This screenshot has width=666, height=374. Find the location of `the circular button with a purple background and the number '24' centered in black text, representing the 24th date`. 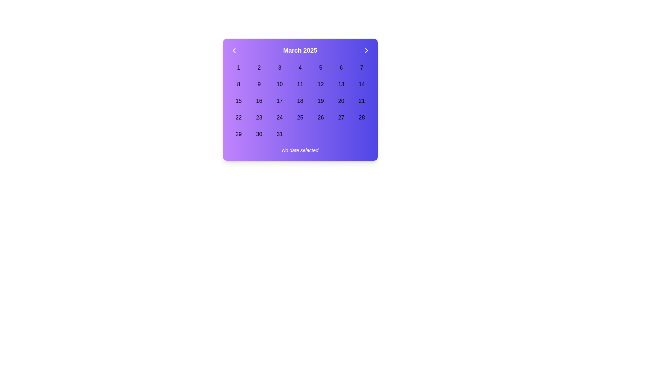

the circular button with a purple background and the number '24' centered in black text, representing the 24th date is located at coordinates (280, 117).